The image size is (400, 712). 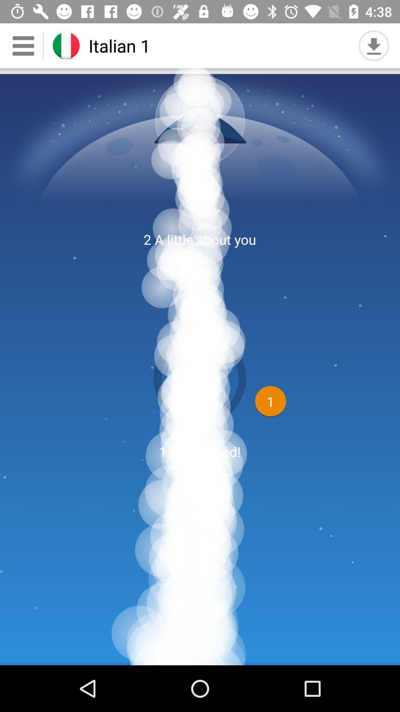 I want to click on the menu icon, so click(x=21, y=45).